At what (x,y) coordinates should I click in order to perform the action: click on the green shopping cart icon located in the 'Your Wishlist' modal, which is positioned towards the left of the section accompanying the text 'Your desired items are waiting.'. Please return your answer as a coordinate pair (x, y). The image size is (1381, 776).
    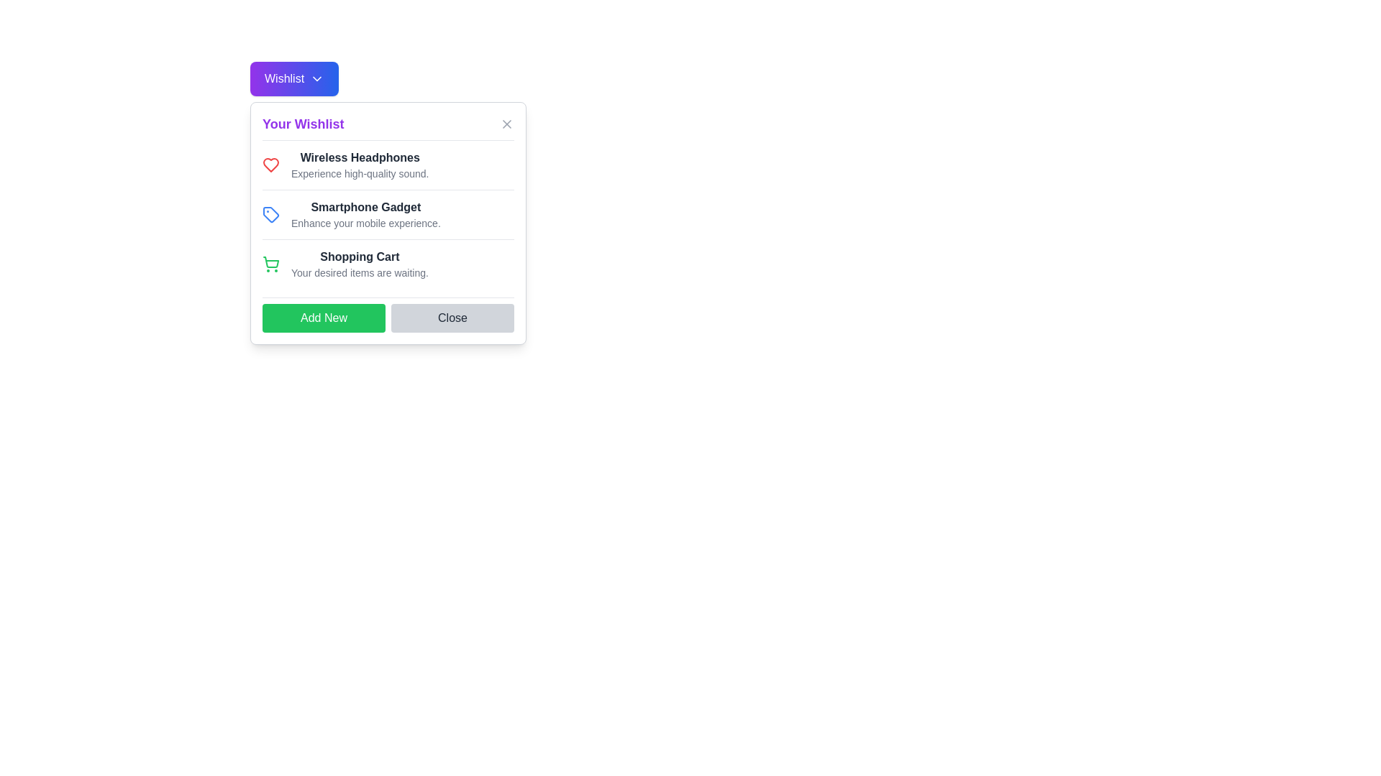
    Looking at the image, I should click on (271, 262).